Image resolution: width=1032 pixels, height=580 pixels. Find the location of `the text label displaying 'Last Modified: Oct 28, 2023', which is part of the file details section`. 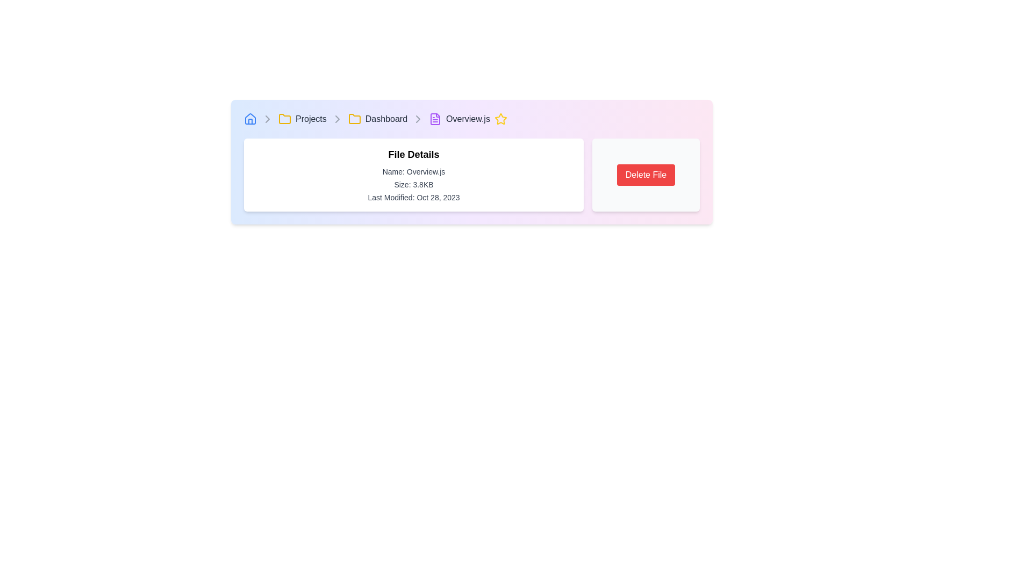

the text label displaying 'Last Modified: Oct 28, 2023', which is part of the file details section is located at coordinates (413, 197).